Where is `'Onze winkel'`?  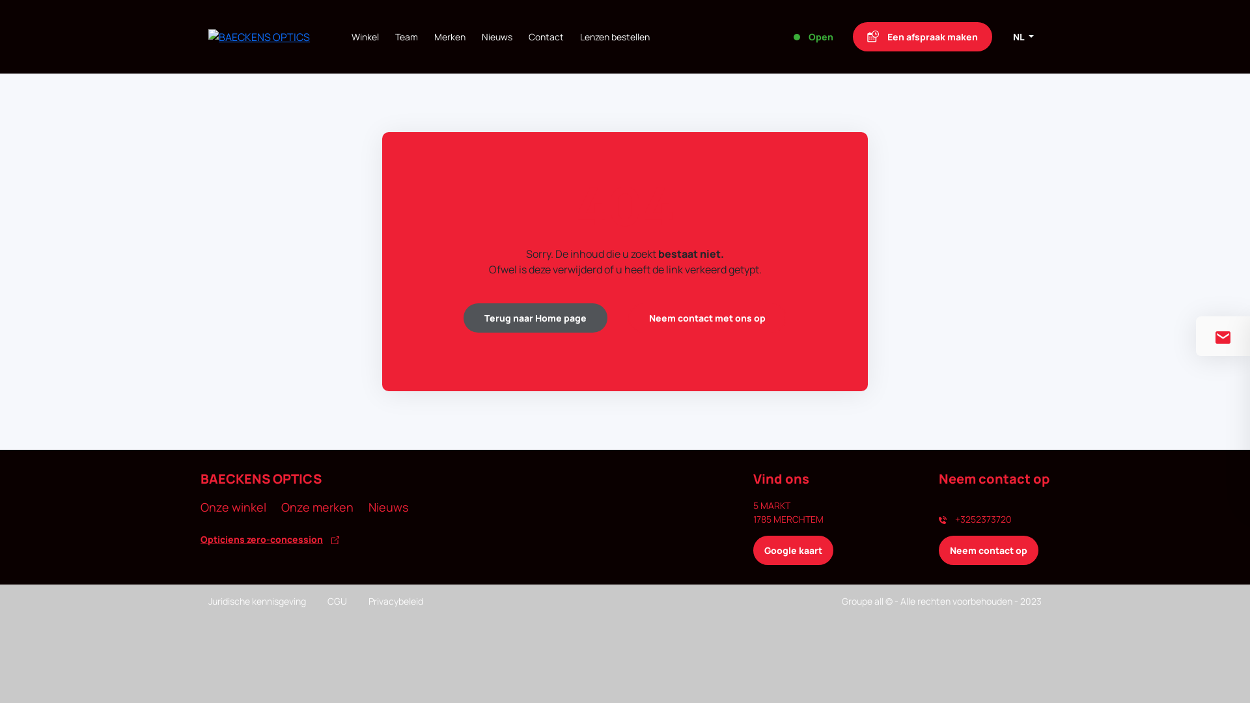 'Onze winkel' is located at coordinates (233, 506).